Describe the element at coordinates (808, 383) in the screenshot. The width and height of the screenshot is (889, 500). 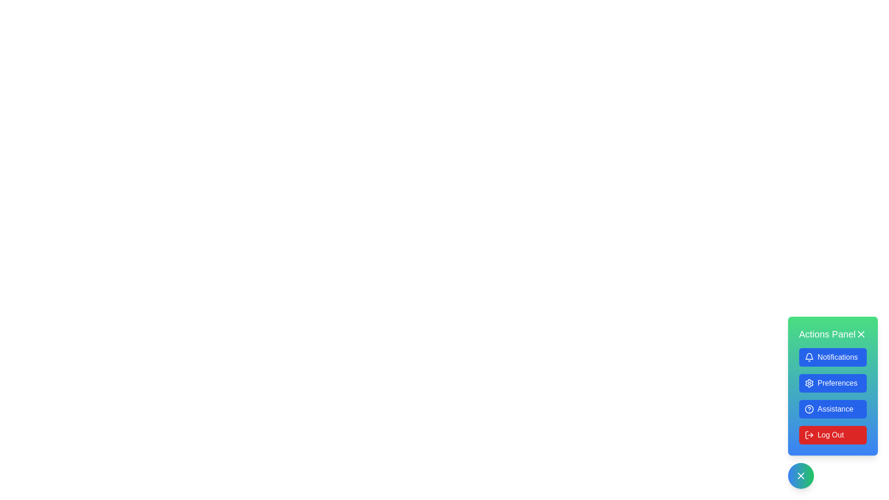
I see `the cogwheel icon located at the left-hand side of the 'Preferences' button in the 'Actions Panel' interface` at that location.